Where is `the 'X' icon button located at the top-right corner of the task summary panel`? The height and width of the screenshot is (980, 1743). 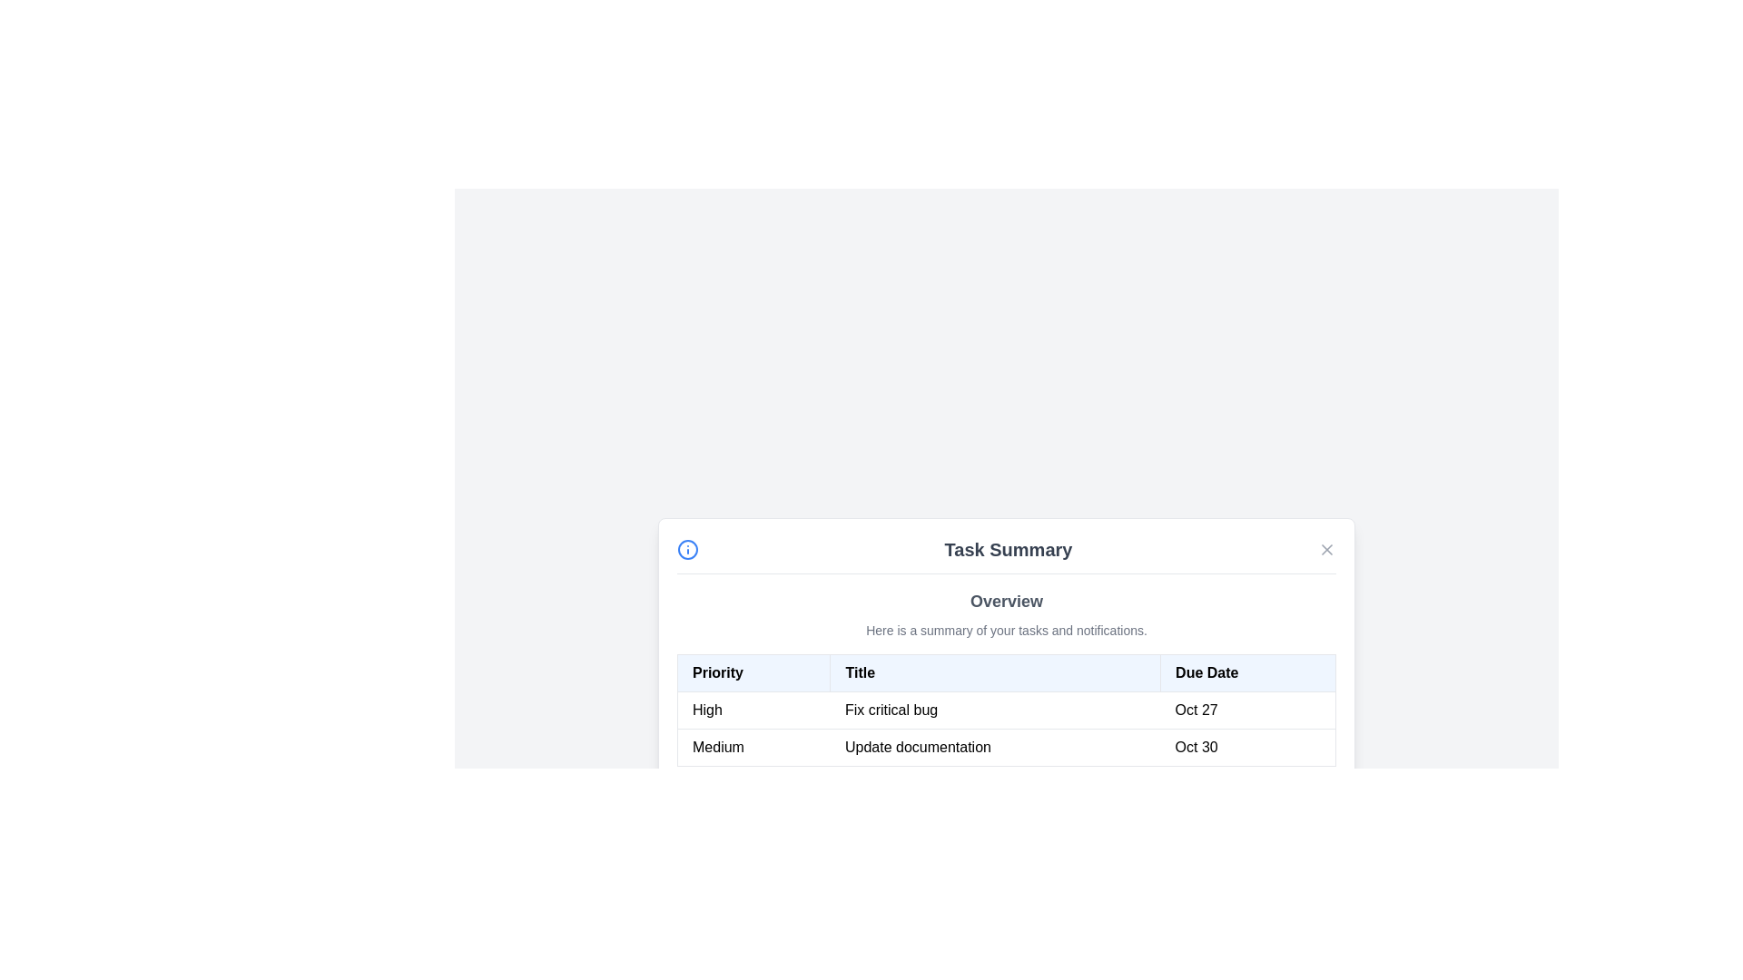 the 'X' icon button located at the top-right corner of the task summary panel is located at coordinates (1327, 548).